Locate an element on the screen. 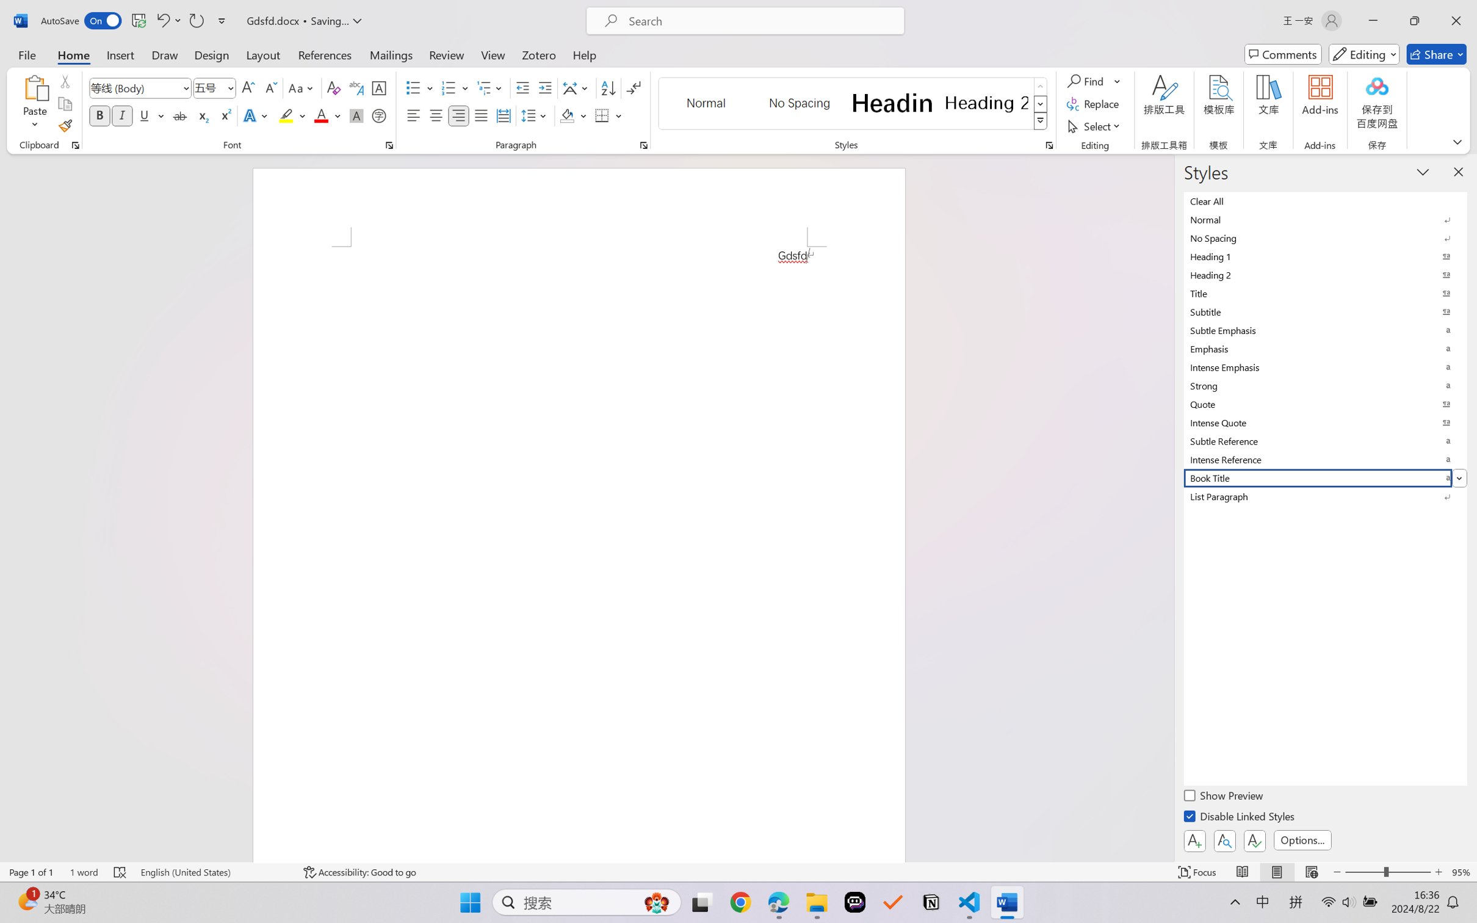 The width and height of the screenshot is (1477, 923). 'Office Clipboard...' is located at coordinates (74, 145).